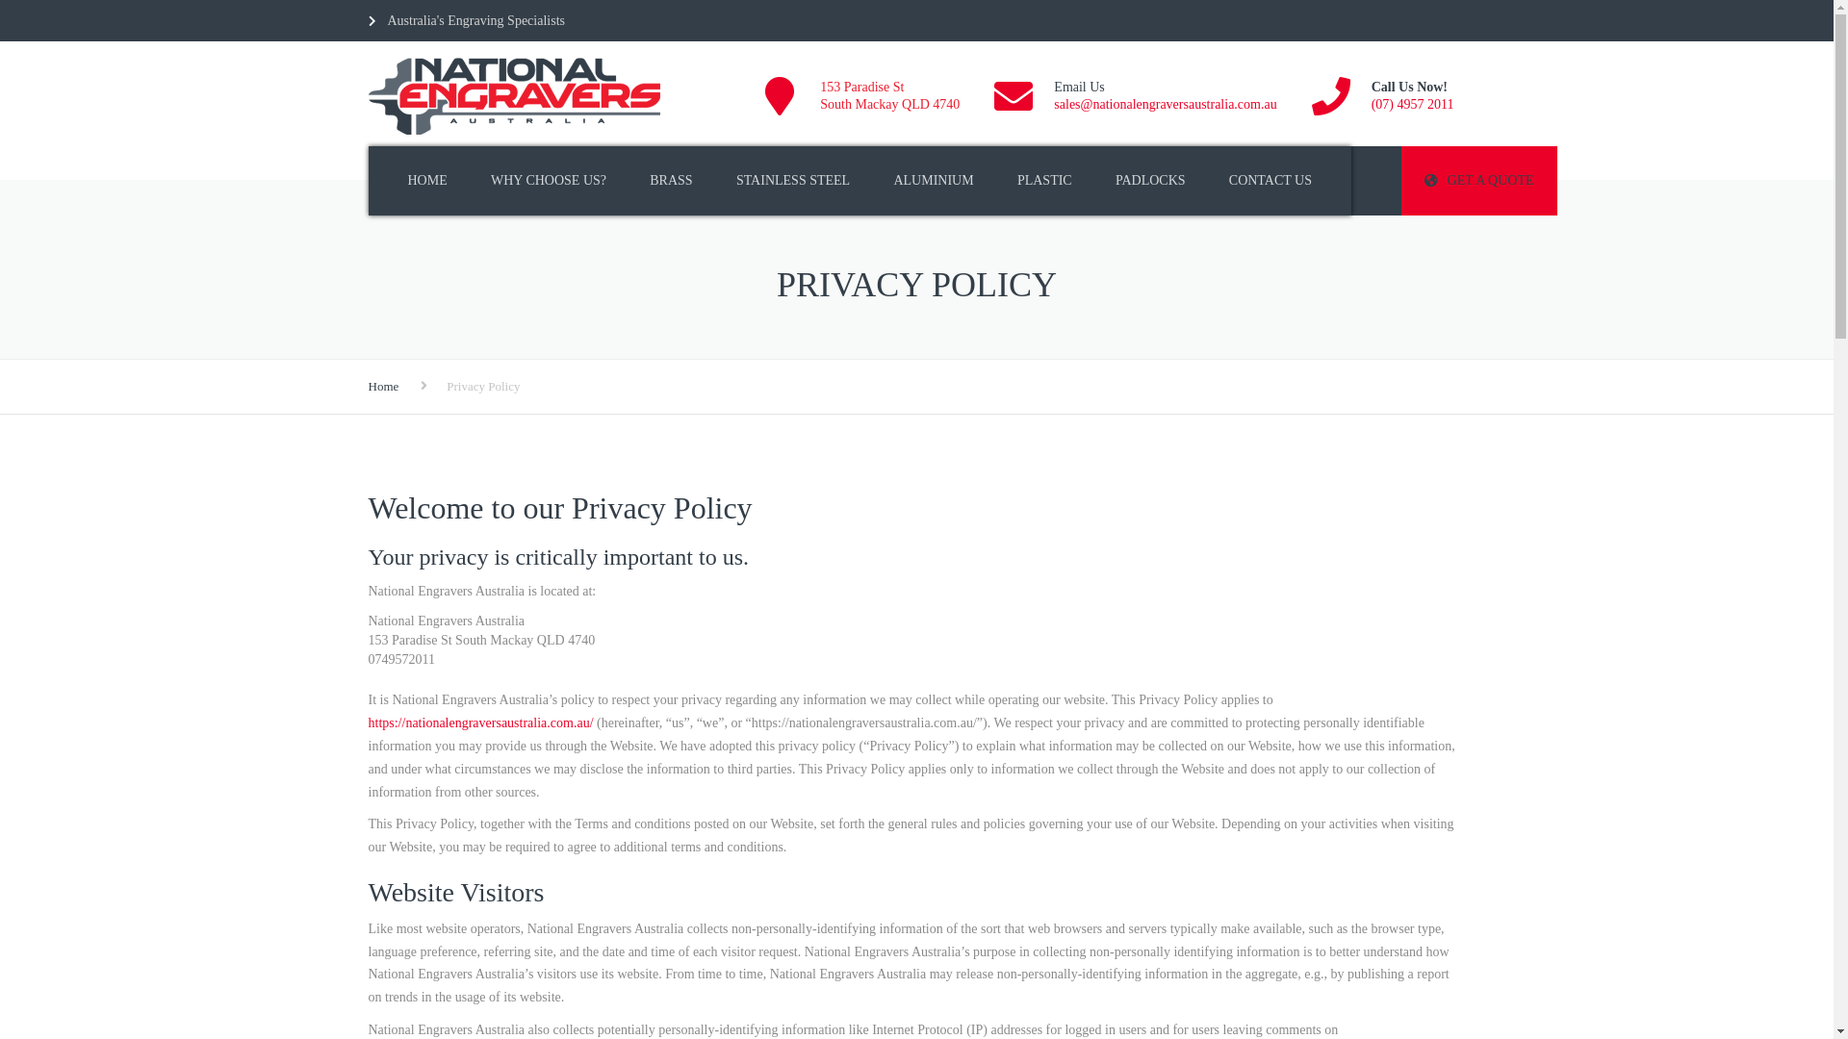  What do you see at coordinates (1164, 104) in the screenshot?
I see `'sales@nationalengraversaustralia.com.au'` at bounding box center [1164, 104].